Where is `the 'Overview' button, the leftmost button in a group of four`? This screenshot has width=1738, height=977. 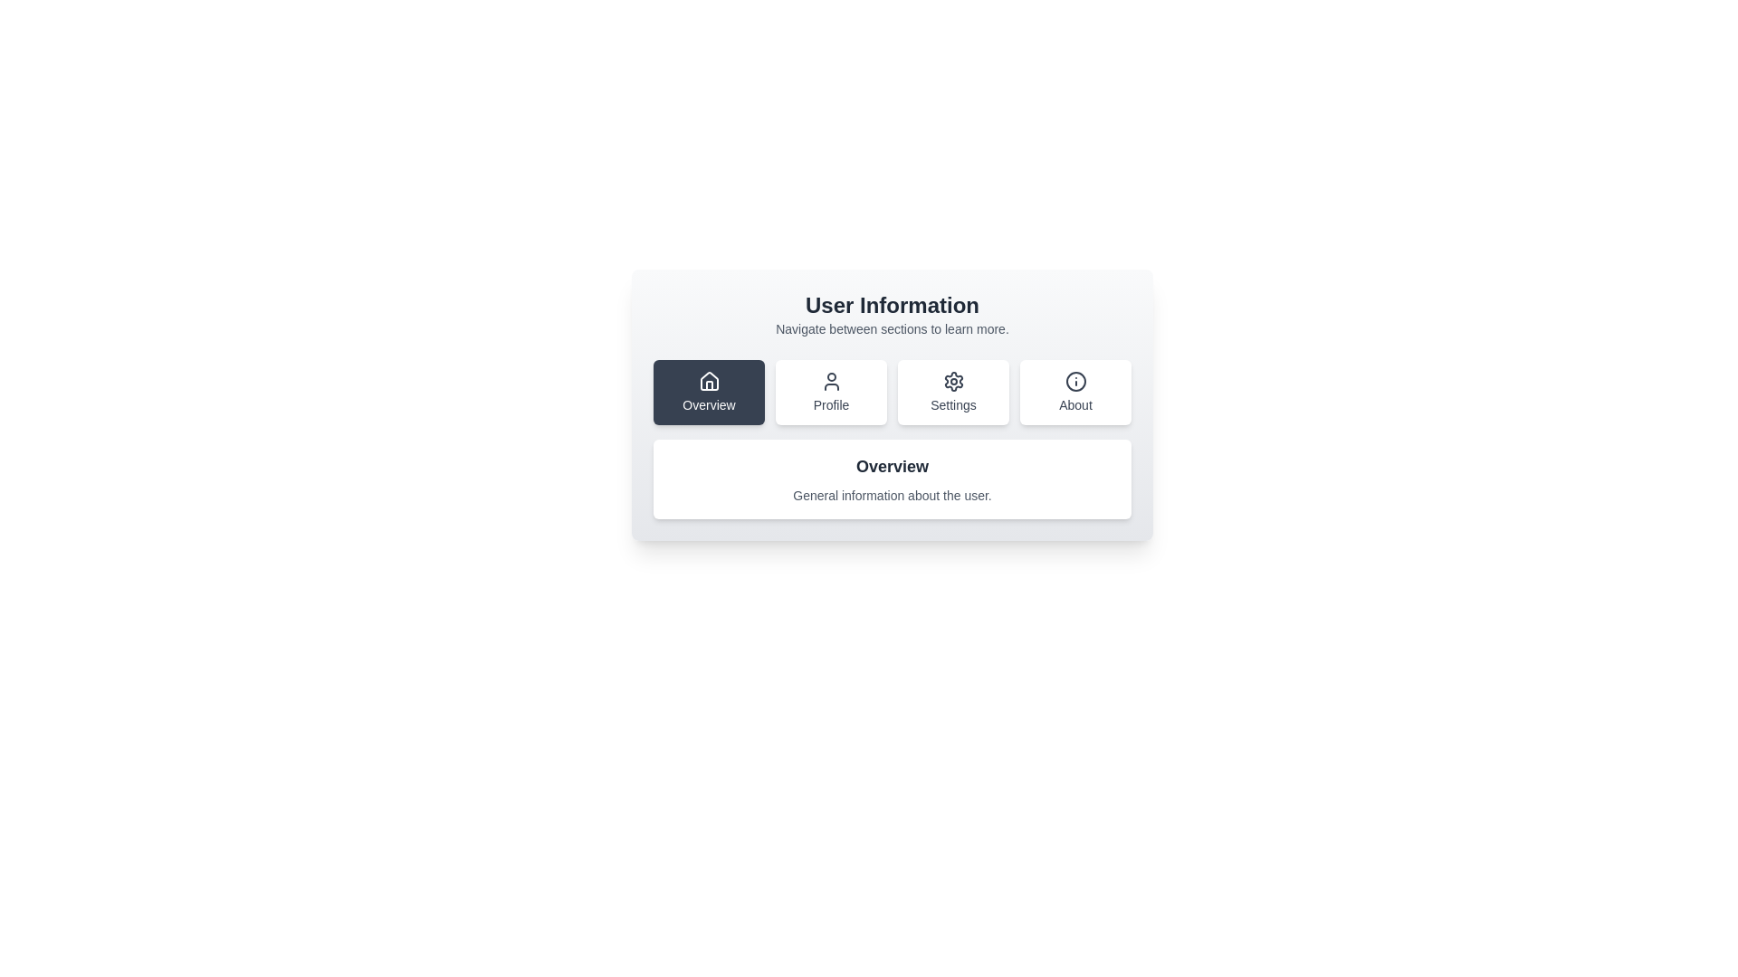
the 'Overview' button, the leftmost button in a group of four is located at coordinates (708, 392).